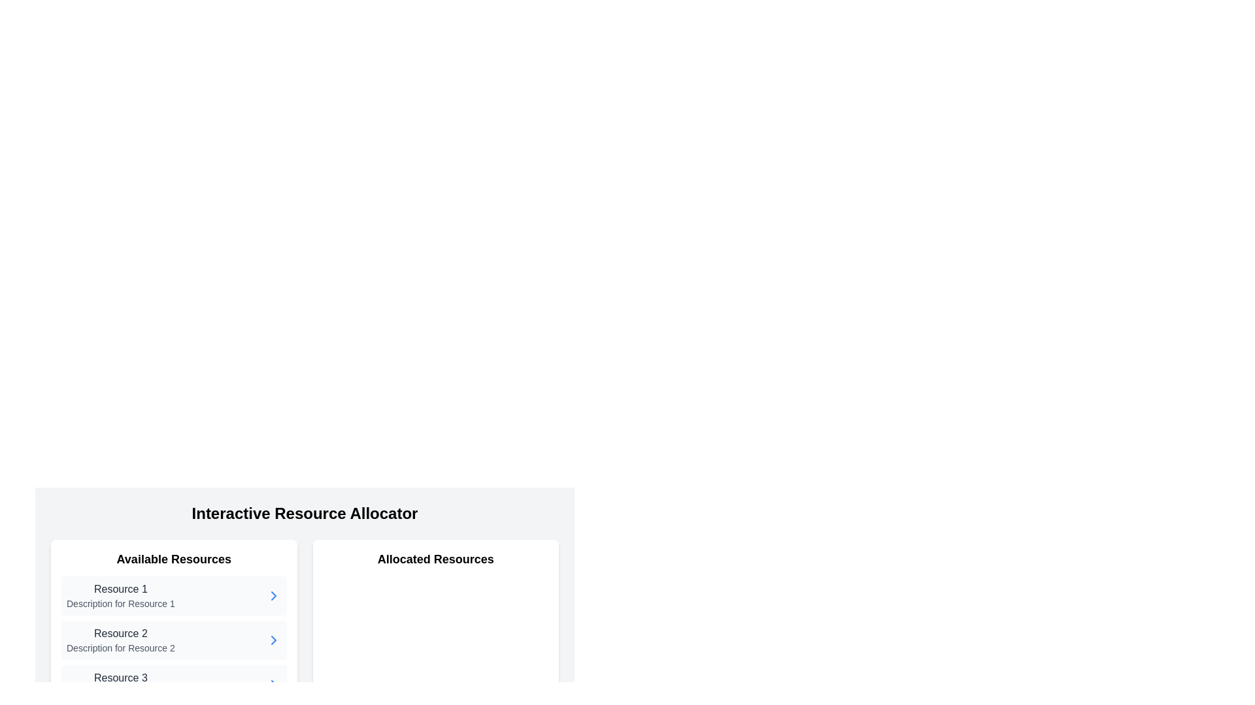  Describe the element at coordinates (273, 596) in the screenshot. I see `the Chevron icon located in the 'Available Resources' section, specifically aligned with 'Resource 2'` at that location.